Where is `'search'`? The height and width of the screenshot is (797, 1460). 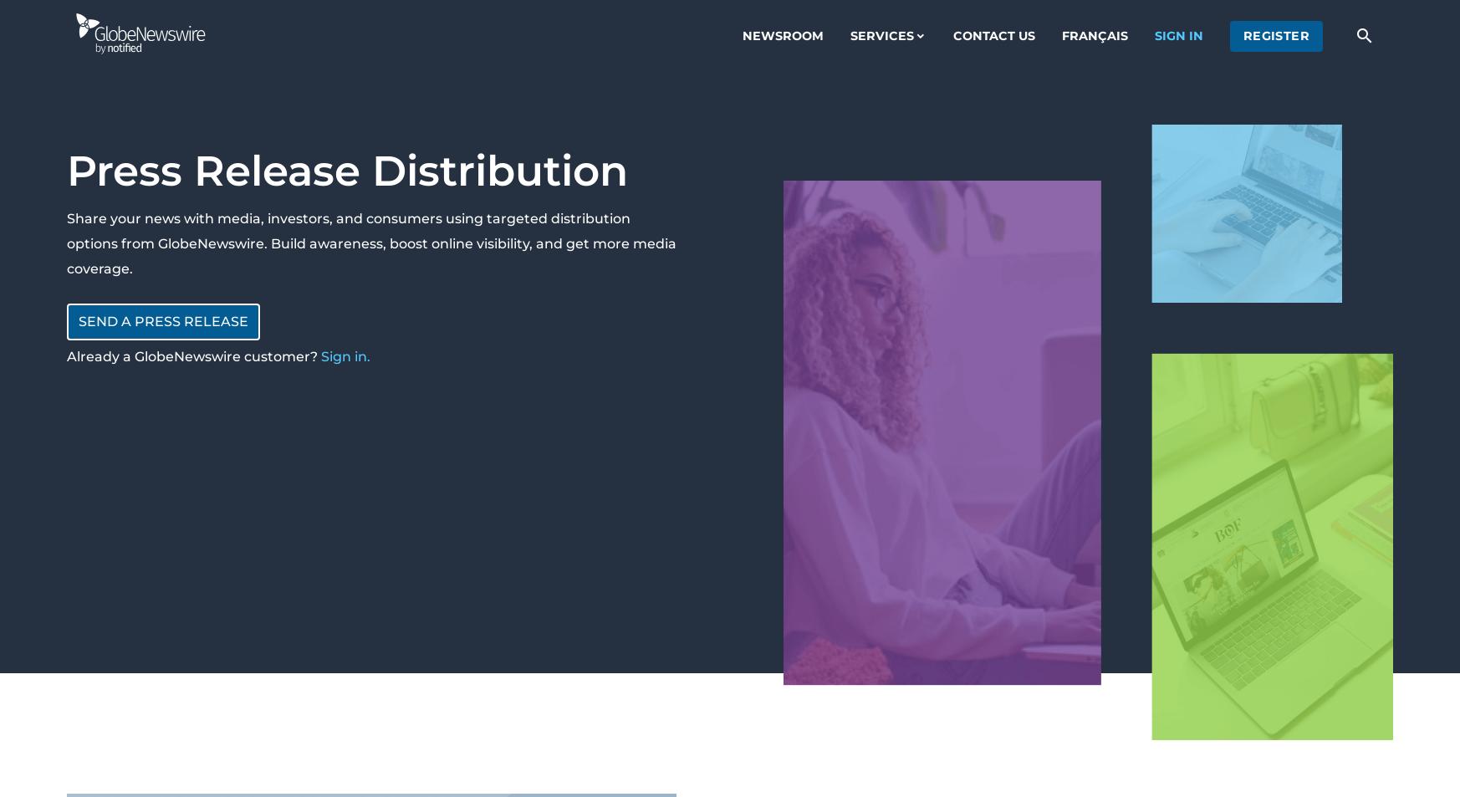 'search' is located at coordinates (1363, 34).